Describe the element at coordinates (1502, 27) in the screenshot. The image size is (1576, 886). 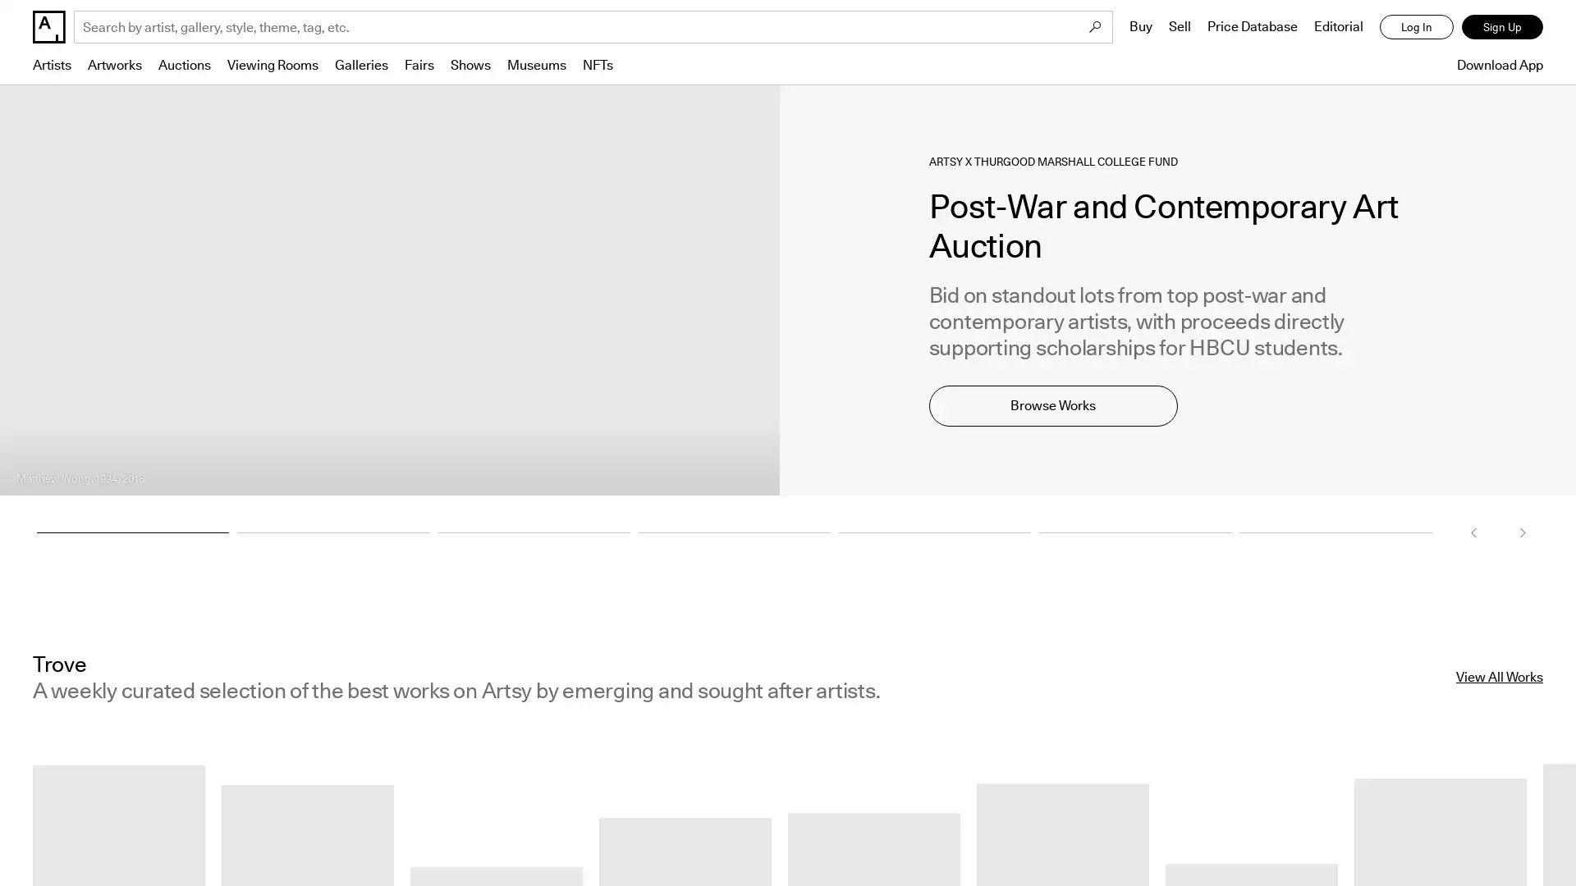
I see `Sign Up` at that location.